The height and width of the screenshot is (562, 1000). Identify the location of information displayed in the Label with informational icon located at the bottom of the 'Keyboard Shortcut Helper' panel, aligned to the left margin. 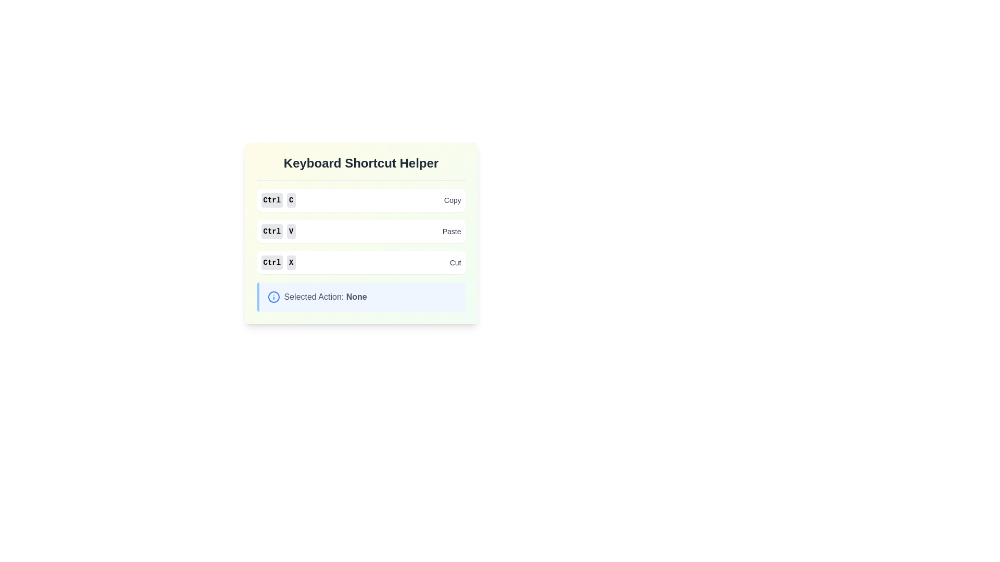
(362, 297).